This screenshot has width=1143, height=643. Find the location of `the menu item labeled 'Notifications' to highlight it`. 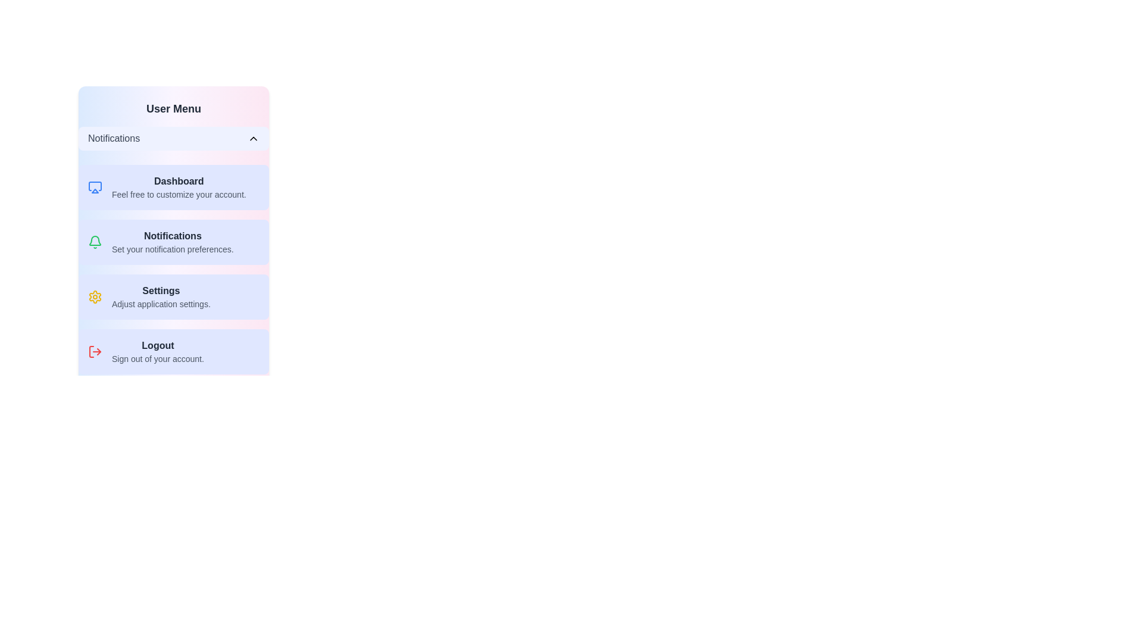

the menu item labeled 'Notifications' to highlight it is located at coordinates (173, 242).